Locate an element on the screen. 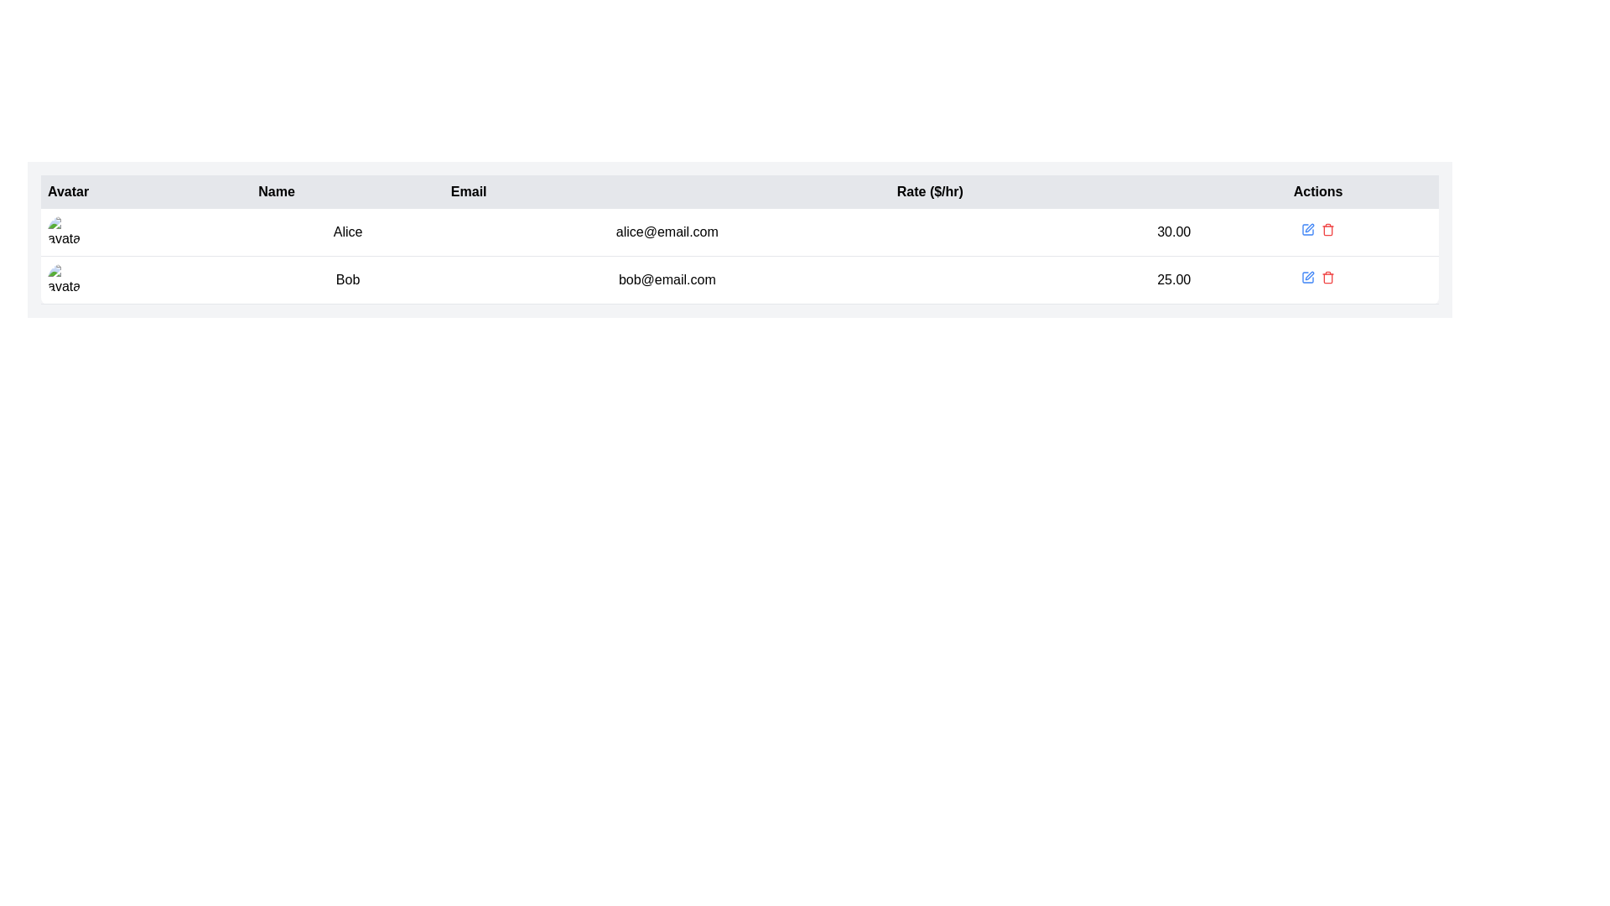 This screenshot has width=1610, height=906. the avatar image element located in the first cell of the first row under the 'Avatar' column to interact with it is located at coordinates (64, 232).